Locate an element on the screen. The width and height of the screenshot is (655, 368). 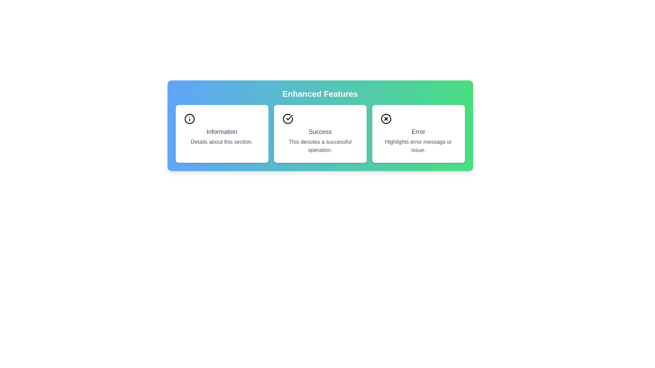
the circular boundary representing a close or error icon in the rightmost card under the header 'Enhanced Features' is located at coordinates (386, 118).